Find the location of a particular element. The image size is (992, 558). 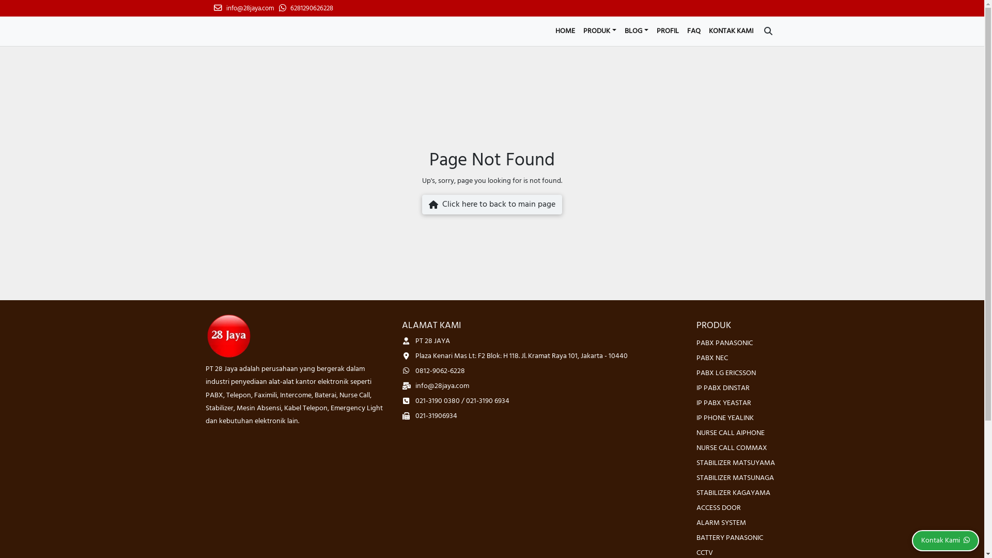

'6281290626228' is located at coordinates (305, 8).